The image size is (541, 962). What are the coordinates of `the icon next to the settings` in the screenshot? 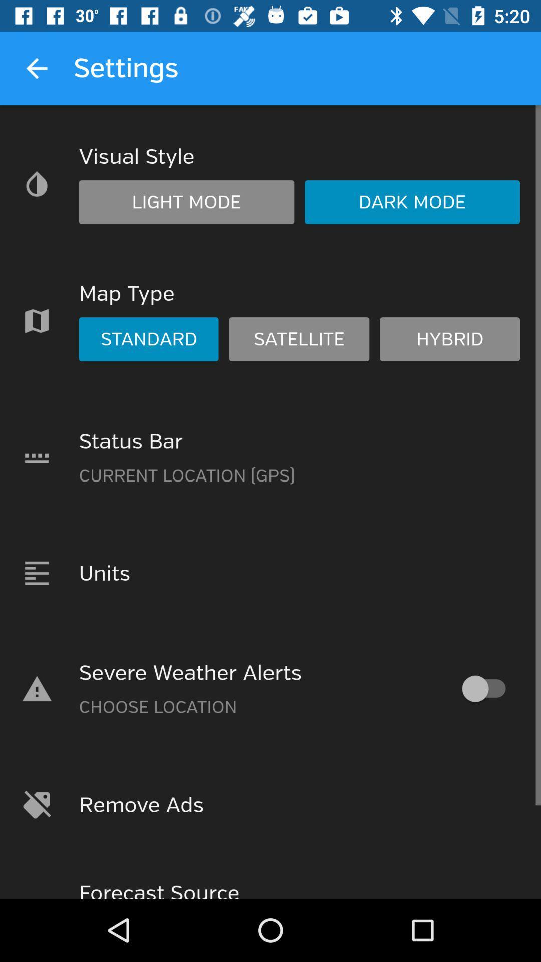 It's located at (36, 68).